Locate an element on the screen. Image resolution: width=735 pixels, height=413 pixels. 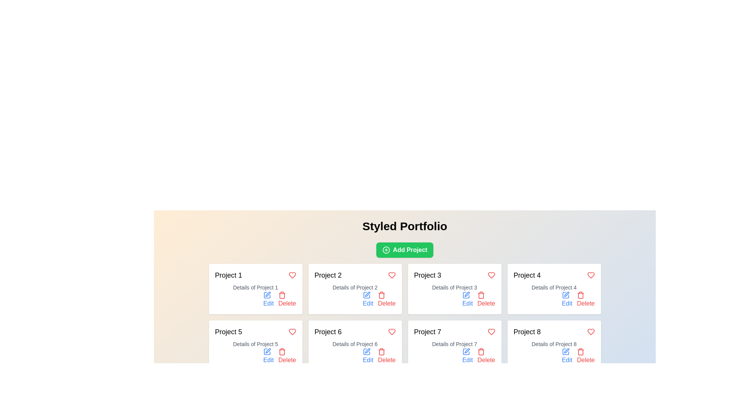
the text label or heading that serves as the title for 'Project 5', located in the second row and first column of the grid layout is located at coordinates (228, 331).